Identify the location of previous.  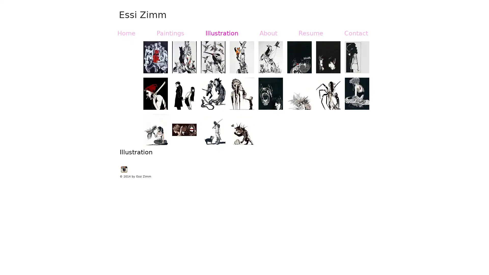
(154, 98).